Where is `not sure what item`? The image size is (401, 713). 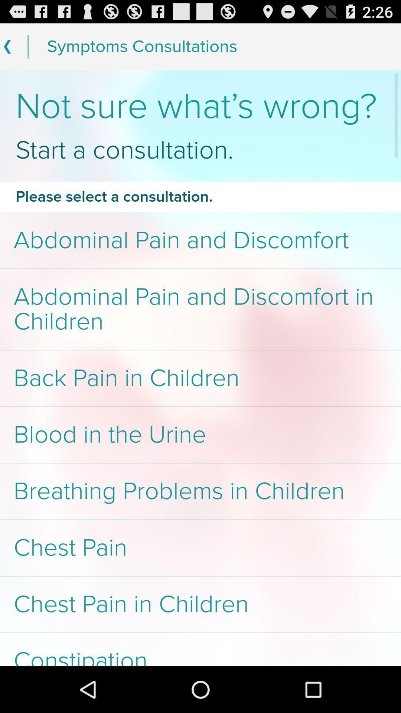 not sure what item is located at coordinates (200, 106).